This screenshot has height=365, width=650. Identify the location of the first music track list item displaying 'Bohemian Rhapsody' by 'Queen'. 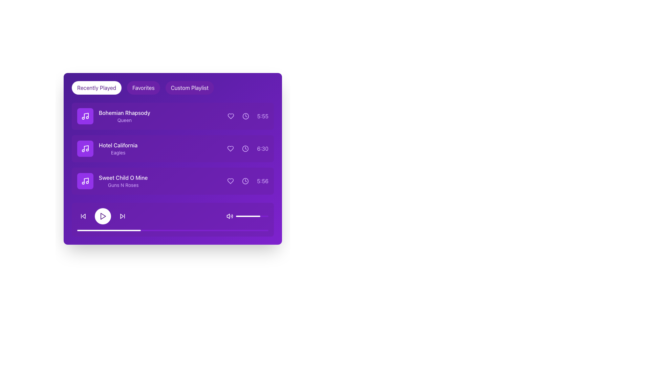
(114, 116).